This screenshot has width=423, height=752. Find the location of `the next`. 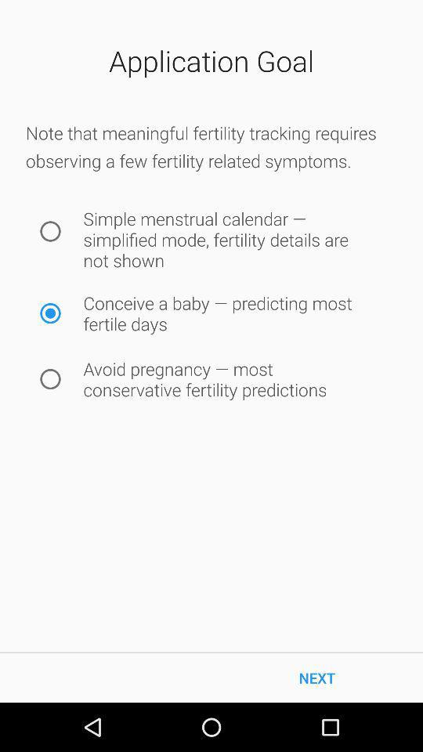

the next is located at coordinates (317, 677).